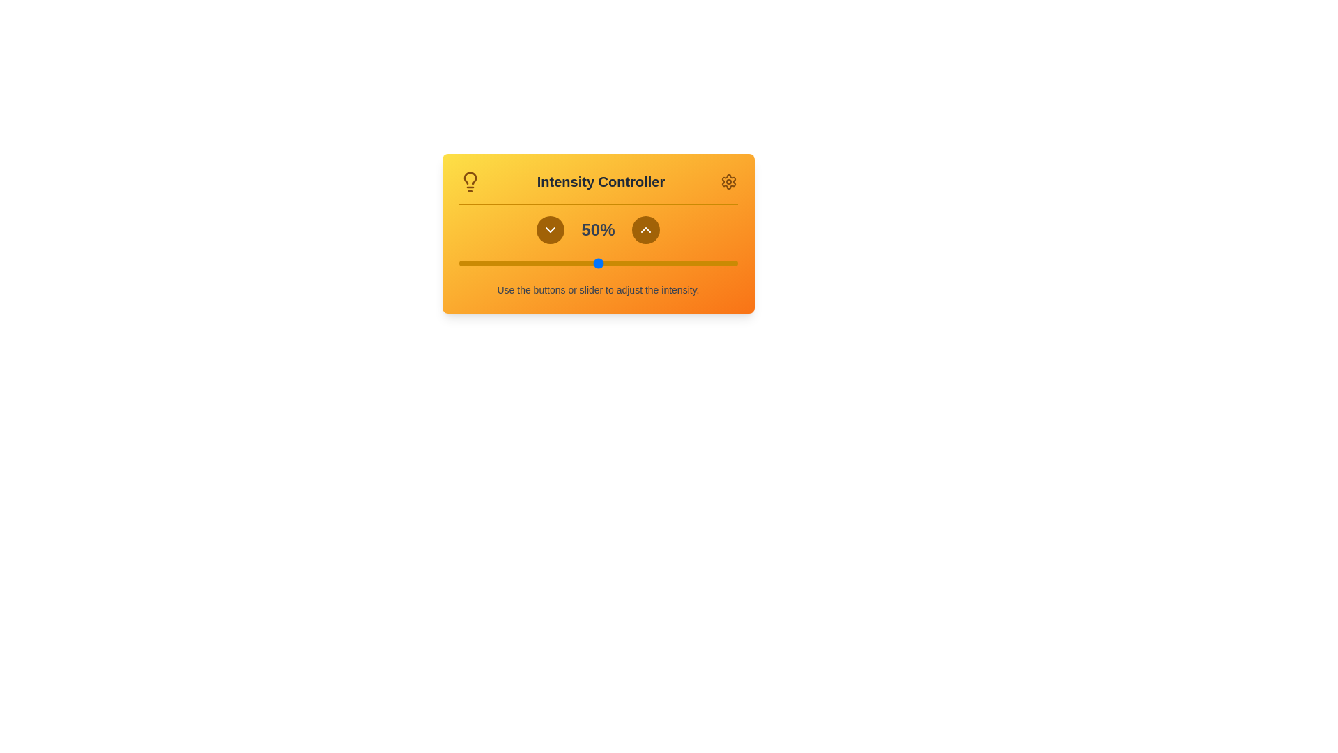 This screenshot has width=1338, height=753. What do you see at coordinates (595, 264) in the screenshot?
I see `the intensity` at bounding box center [595, 264].